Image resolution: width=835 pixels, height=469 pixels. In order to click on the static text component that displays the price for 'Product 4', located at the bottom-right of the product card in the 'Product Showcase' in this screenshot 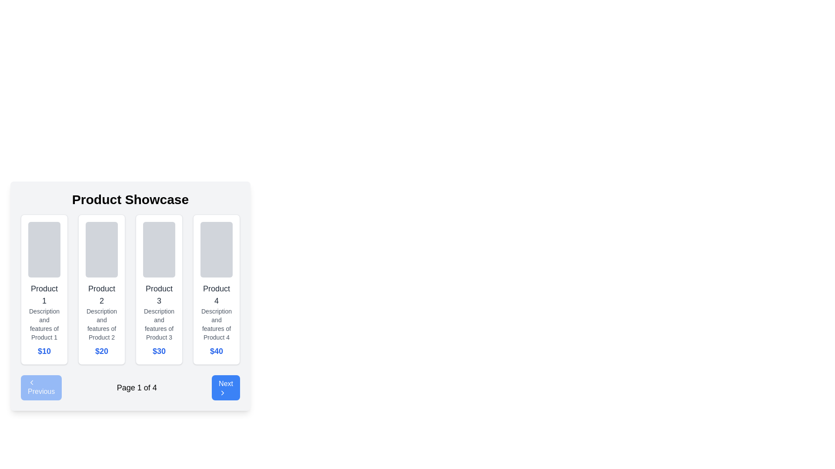, I will do `click(217, 351)`.